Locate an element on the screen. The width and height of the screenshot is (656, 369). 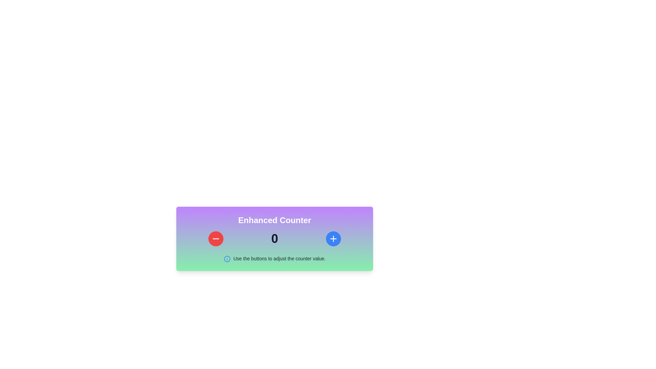
the red circular button with a white minus symbol to decrement the counter is located at coordinates (216, 238).